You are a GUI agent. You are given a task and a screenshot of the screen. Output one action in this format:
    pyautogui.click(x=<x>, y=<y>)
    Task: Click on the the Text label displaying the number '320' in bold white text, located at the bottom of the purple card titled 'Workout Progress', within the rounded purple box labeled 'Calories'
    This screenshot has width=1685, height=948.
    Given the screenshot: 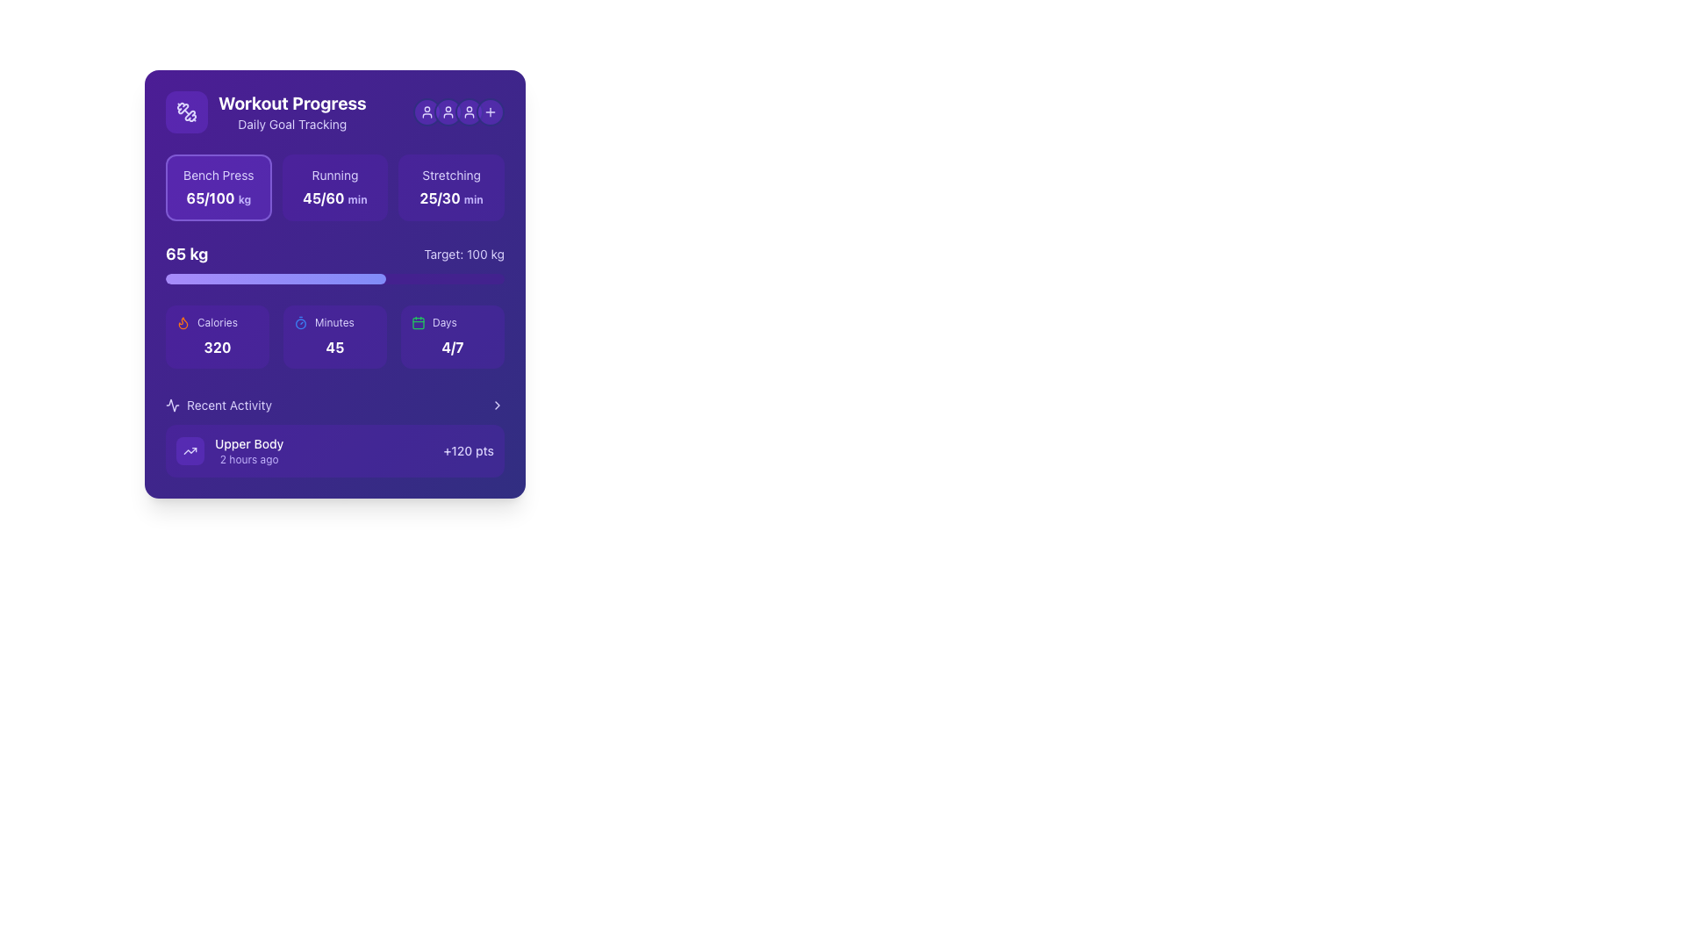 What is the action you would take?
    pyautogui.click(x=217, y=348)
    